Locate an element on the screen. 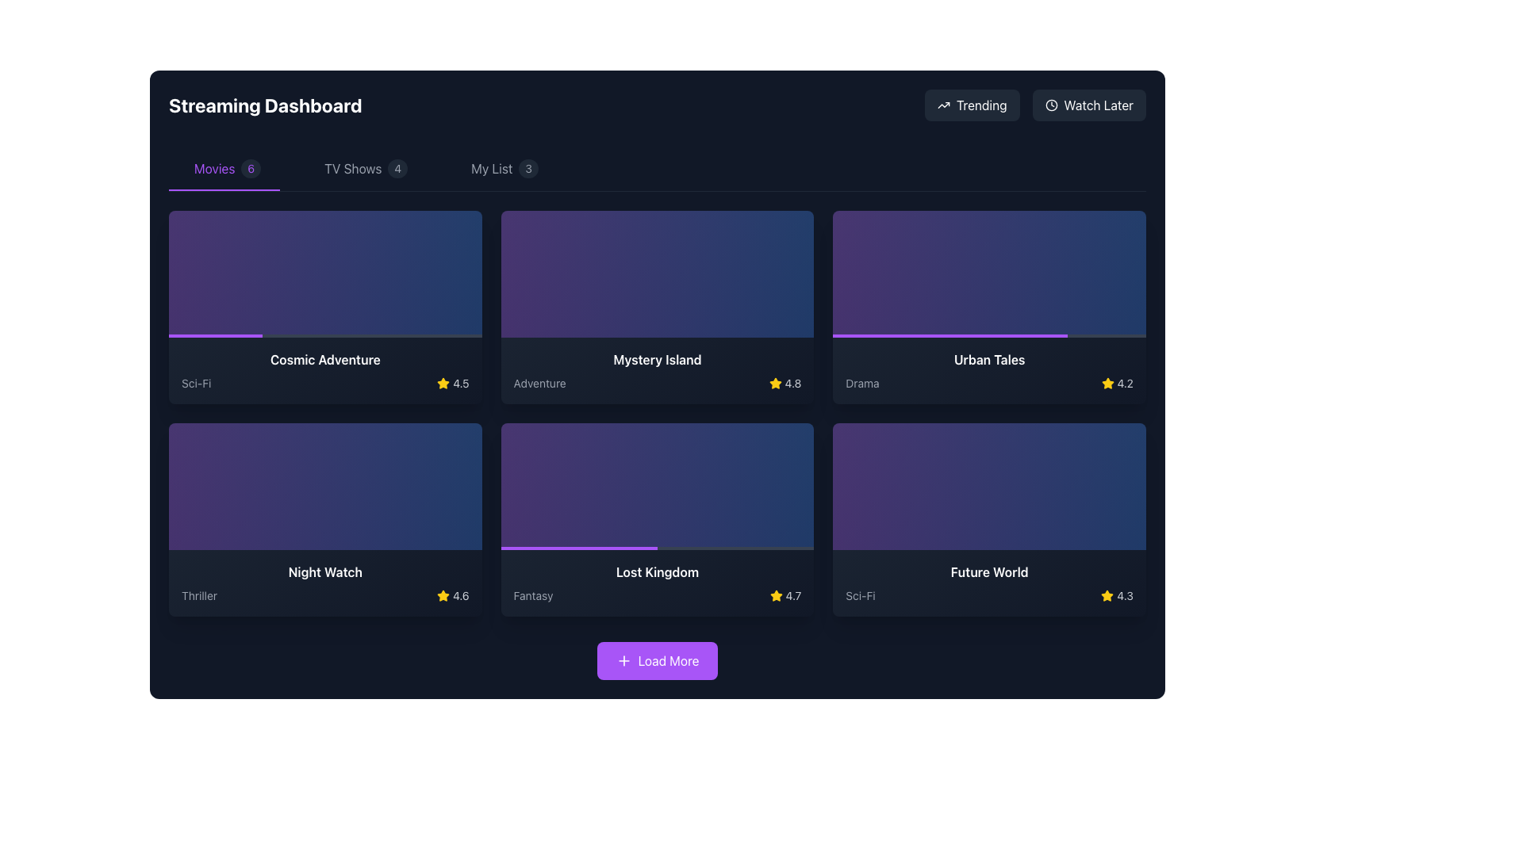  the dynamically loading content button at the bottom of the list is located at coordinates (669, 660).